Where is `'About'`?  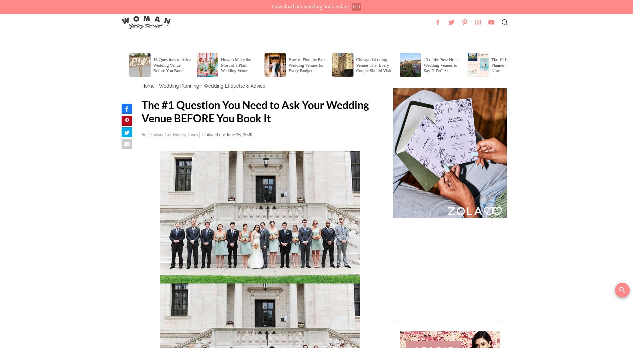 'About' is located at coordinates (499, 40).